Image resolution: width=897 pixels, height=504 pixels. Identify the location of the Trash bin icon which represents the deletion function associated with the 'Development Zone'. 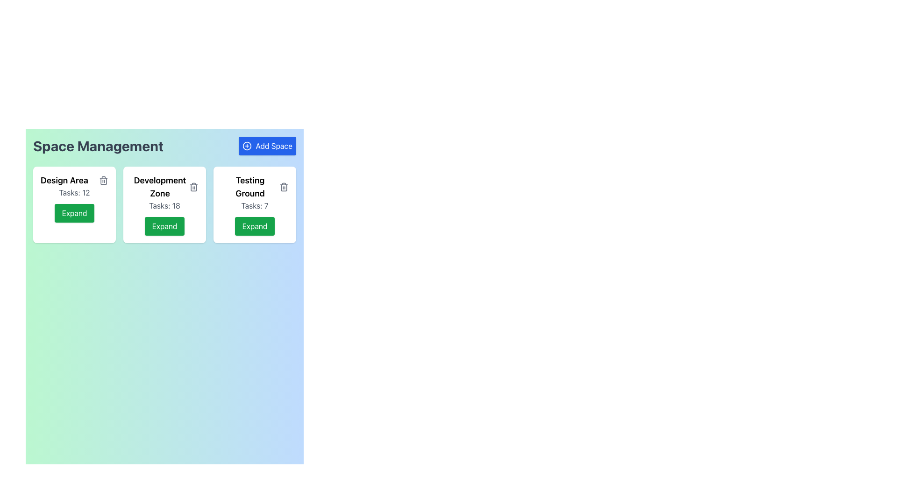
(193, 187).